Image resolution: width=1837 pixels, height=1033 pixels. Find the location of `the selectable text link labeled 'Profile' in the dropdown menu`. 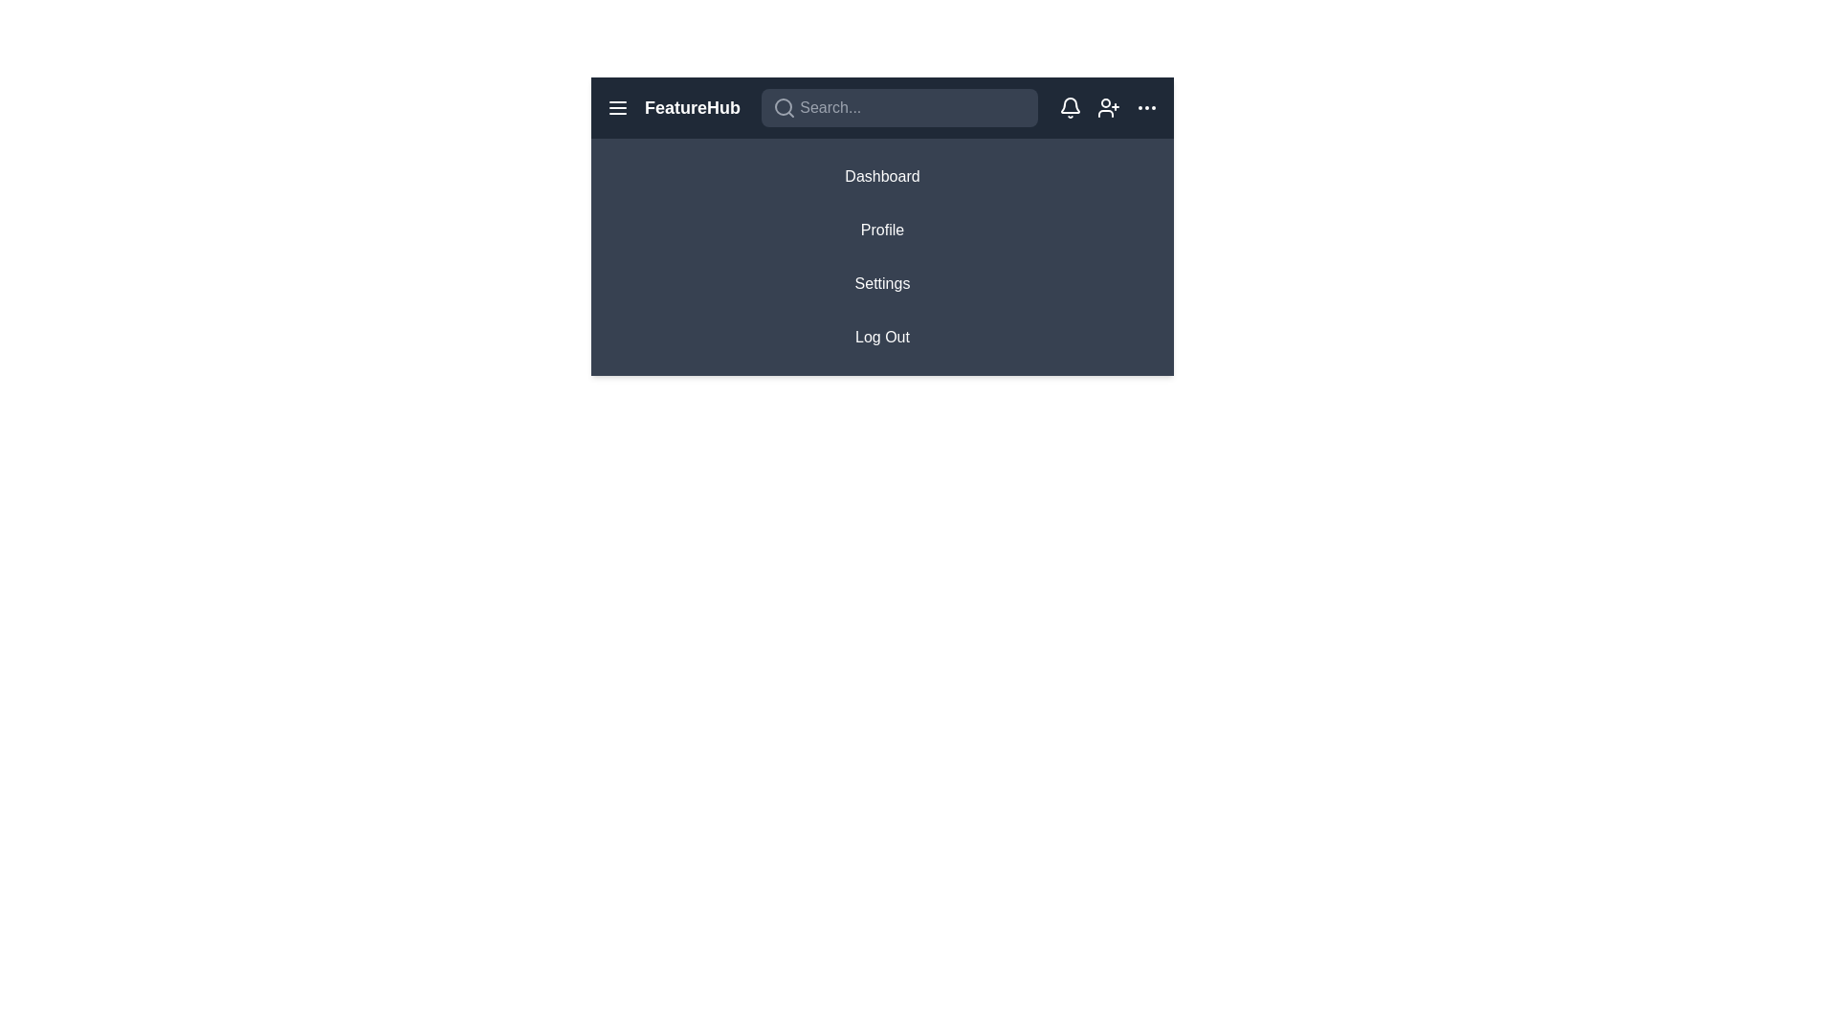

the selectable text link labeled 'Profile' in the dropdown menu is located at coordinates (881, 225).